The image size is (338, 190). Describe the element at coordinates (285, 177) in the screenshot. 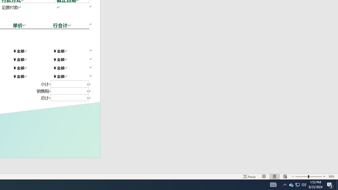

I see `'Web Layout'` at that location.